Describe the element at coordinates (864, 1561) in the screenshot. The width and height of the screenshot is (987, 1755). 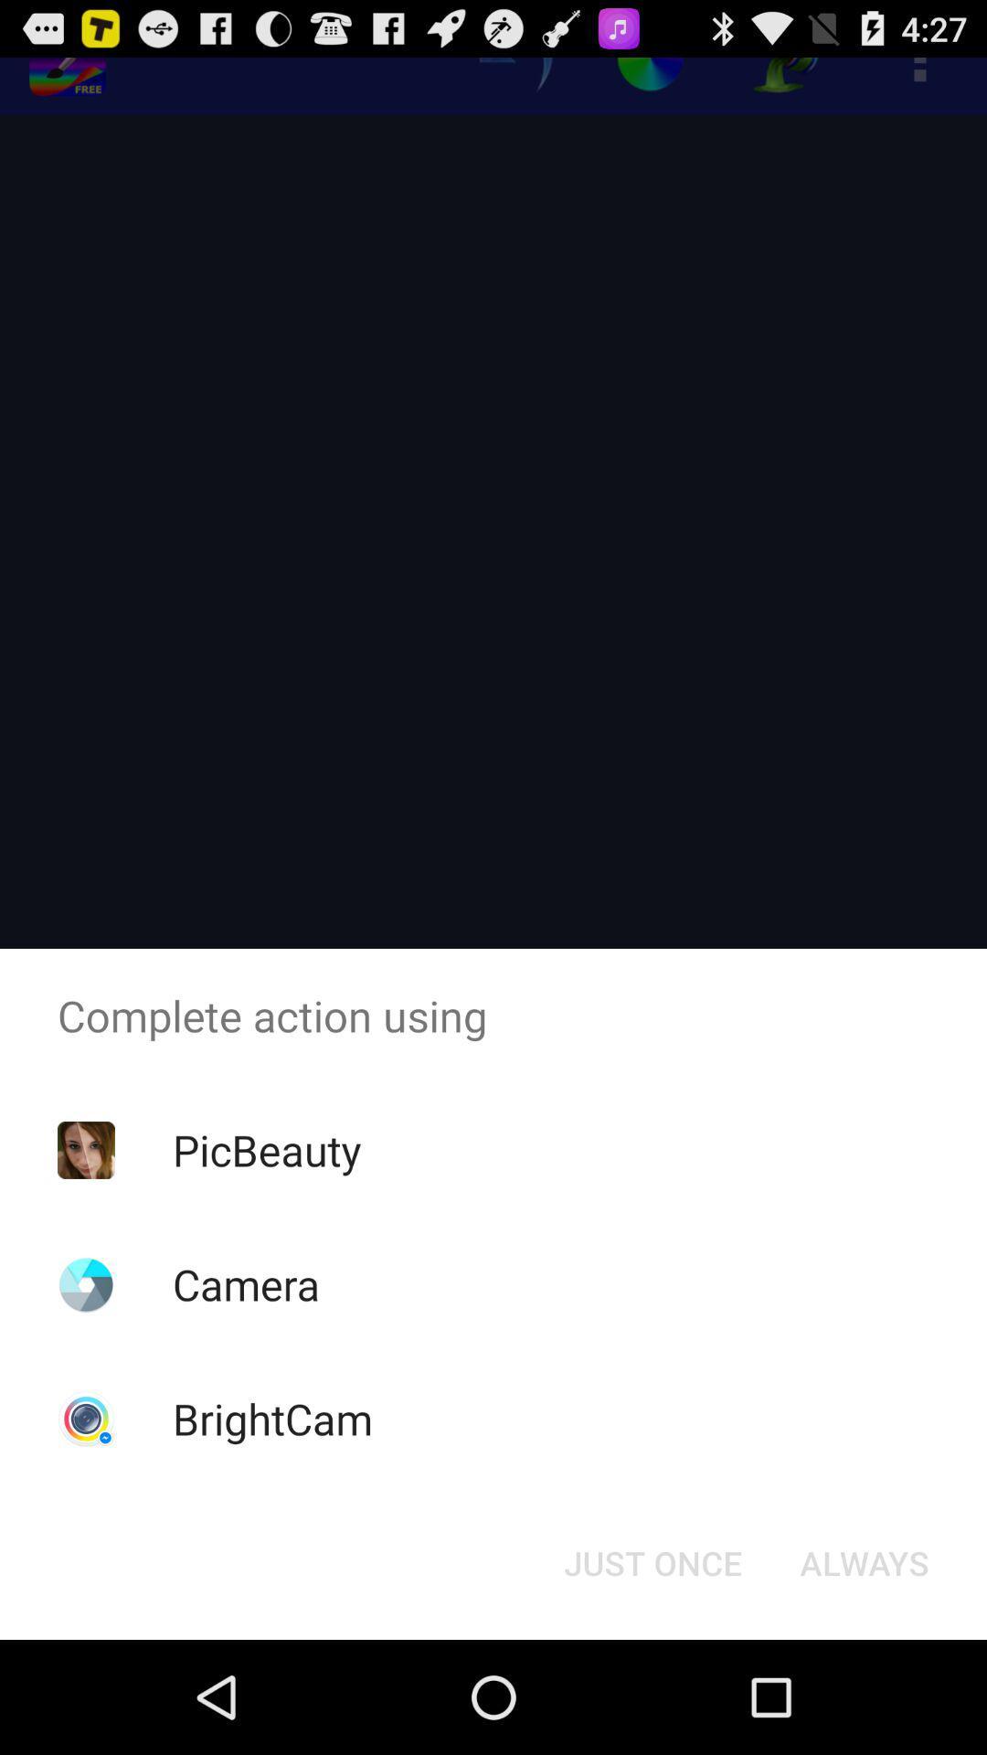
I see `icon to the right of just once` at that location.